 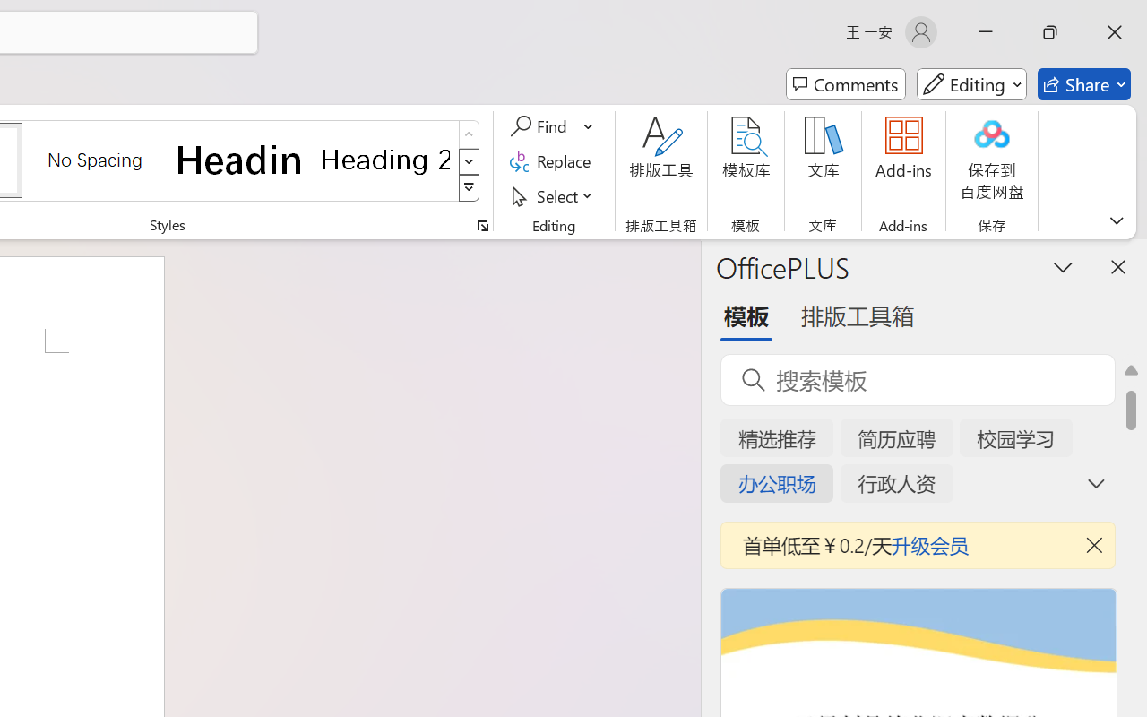 I want to click on 'Ribbon Display Options', so click(x=1116, y=220).